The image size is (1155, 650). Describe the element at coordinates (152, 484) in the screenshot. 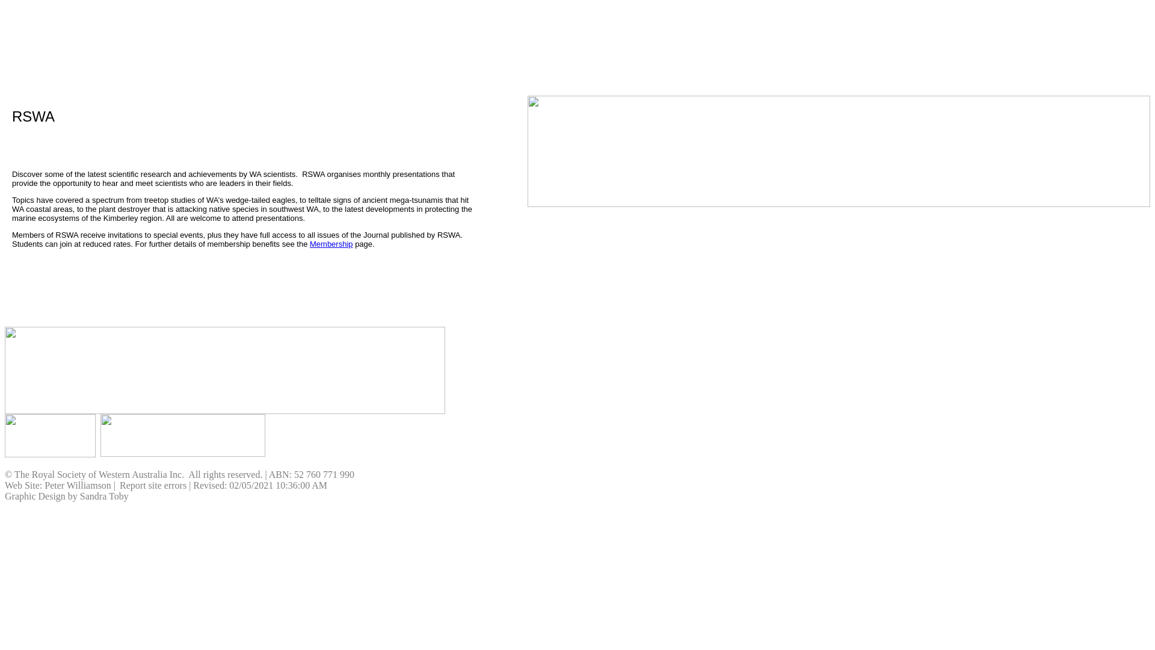

I see `'Report site errors'` at that location.